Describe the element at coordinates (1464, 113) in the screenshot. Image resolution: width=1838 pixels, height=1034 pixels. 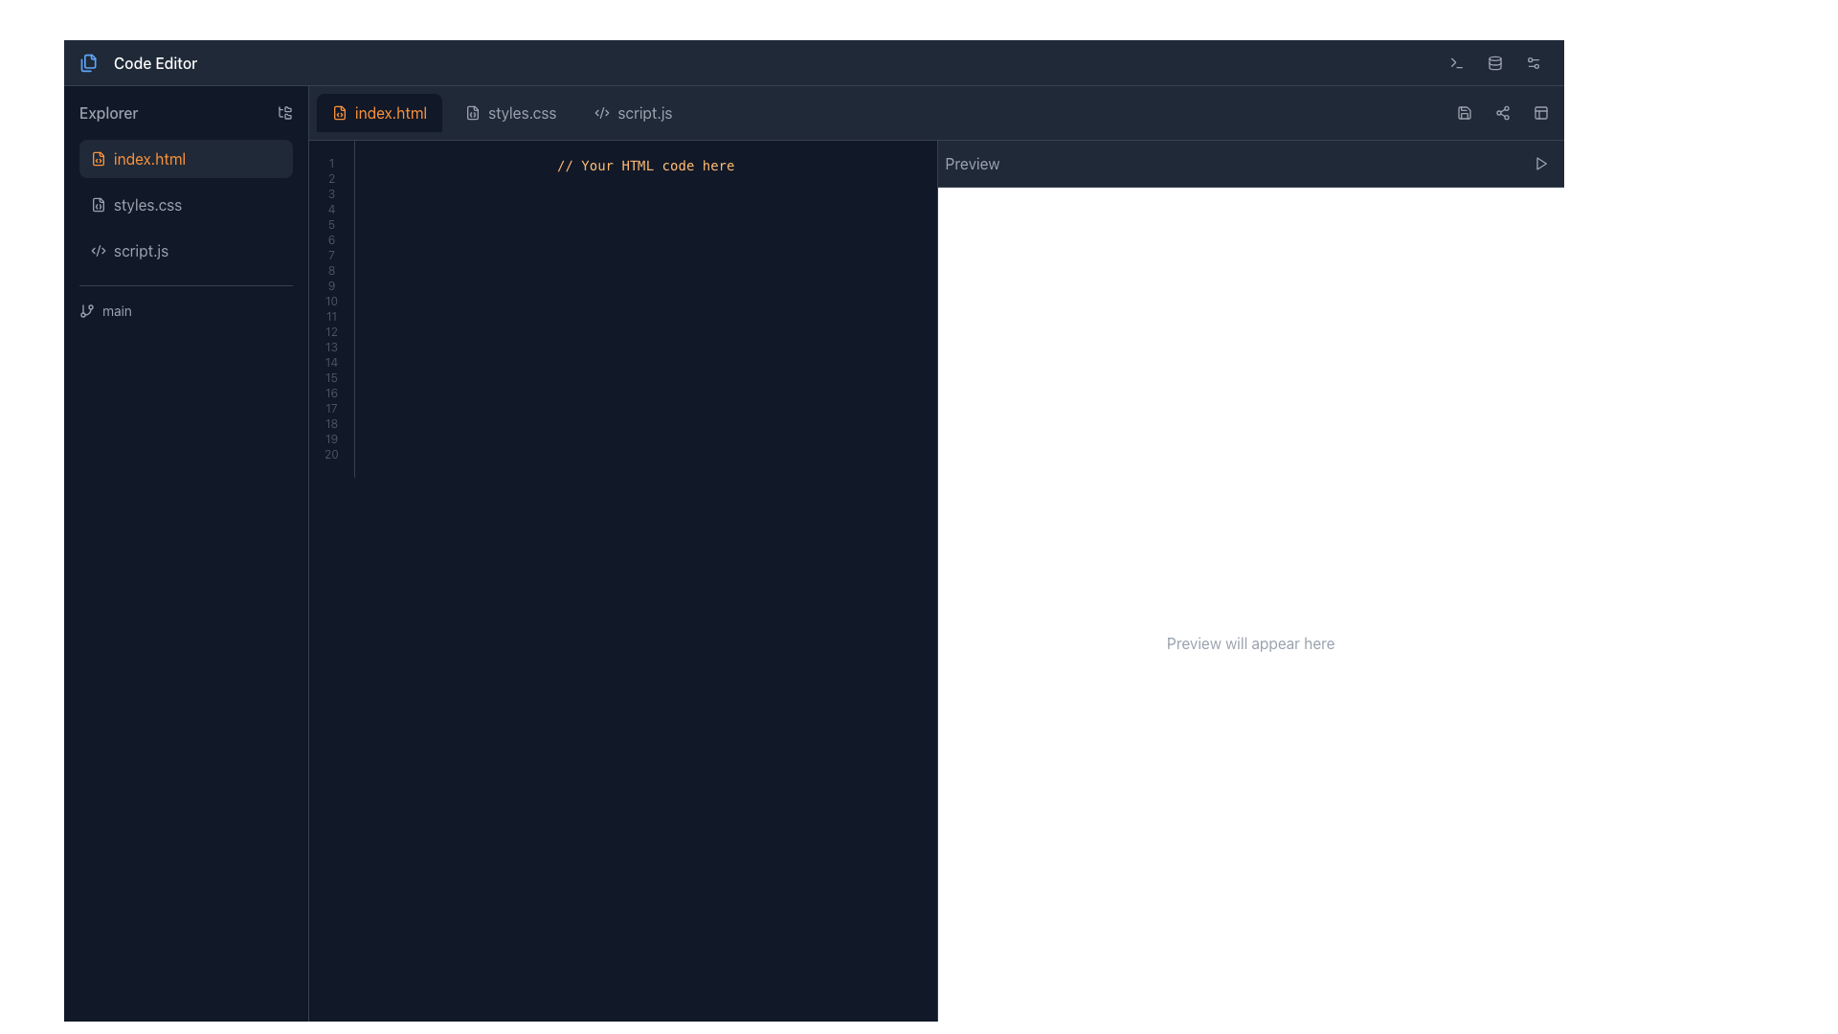
I see `the first button in the horizontal group at the top-right section of the interface, which features a save icon` at that location.